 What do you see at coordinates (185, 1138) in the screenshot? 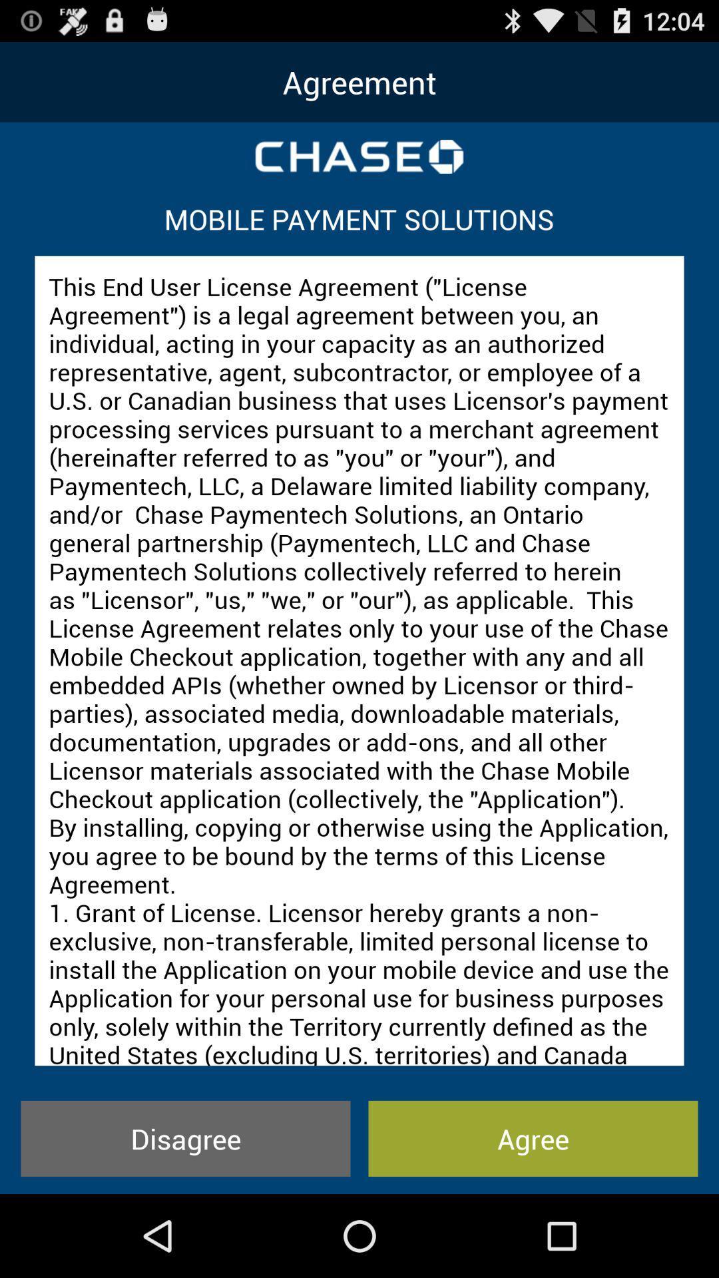
I see `the disagree item` at bounding box center [185, 1138].